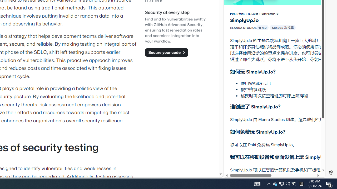  What do you see at coordinates (166, 52) in the screenshot?
I see `'Secure your code'` at bounding box center [166, 52].